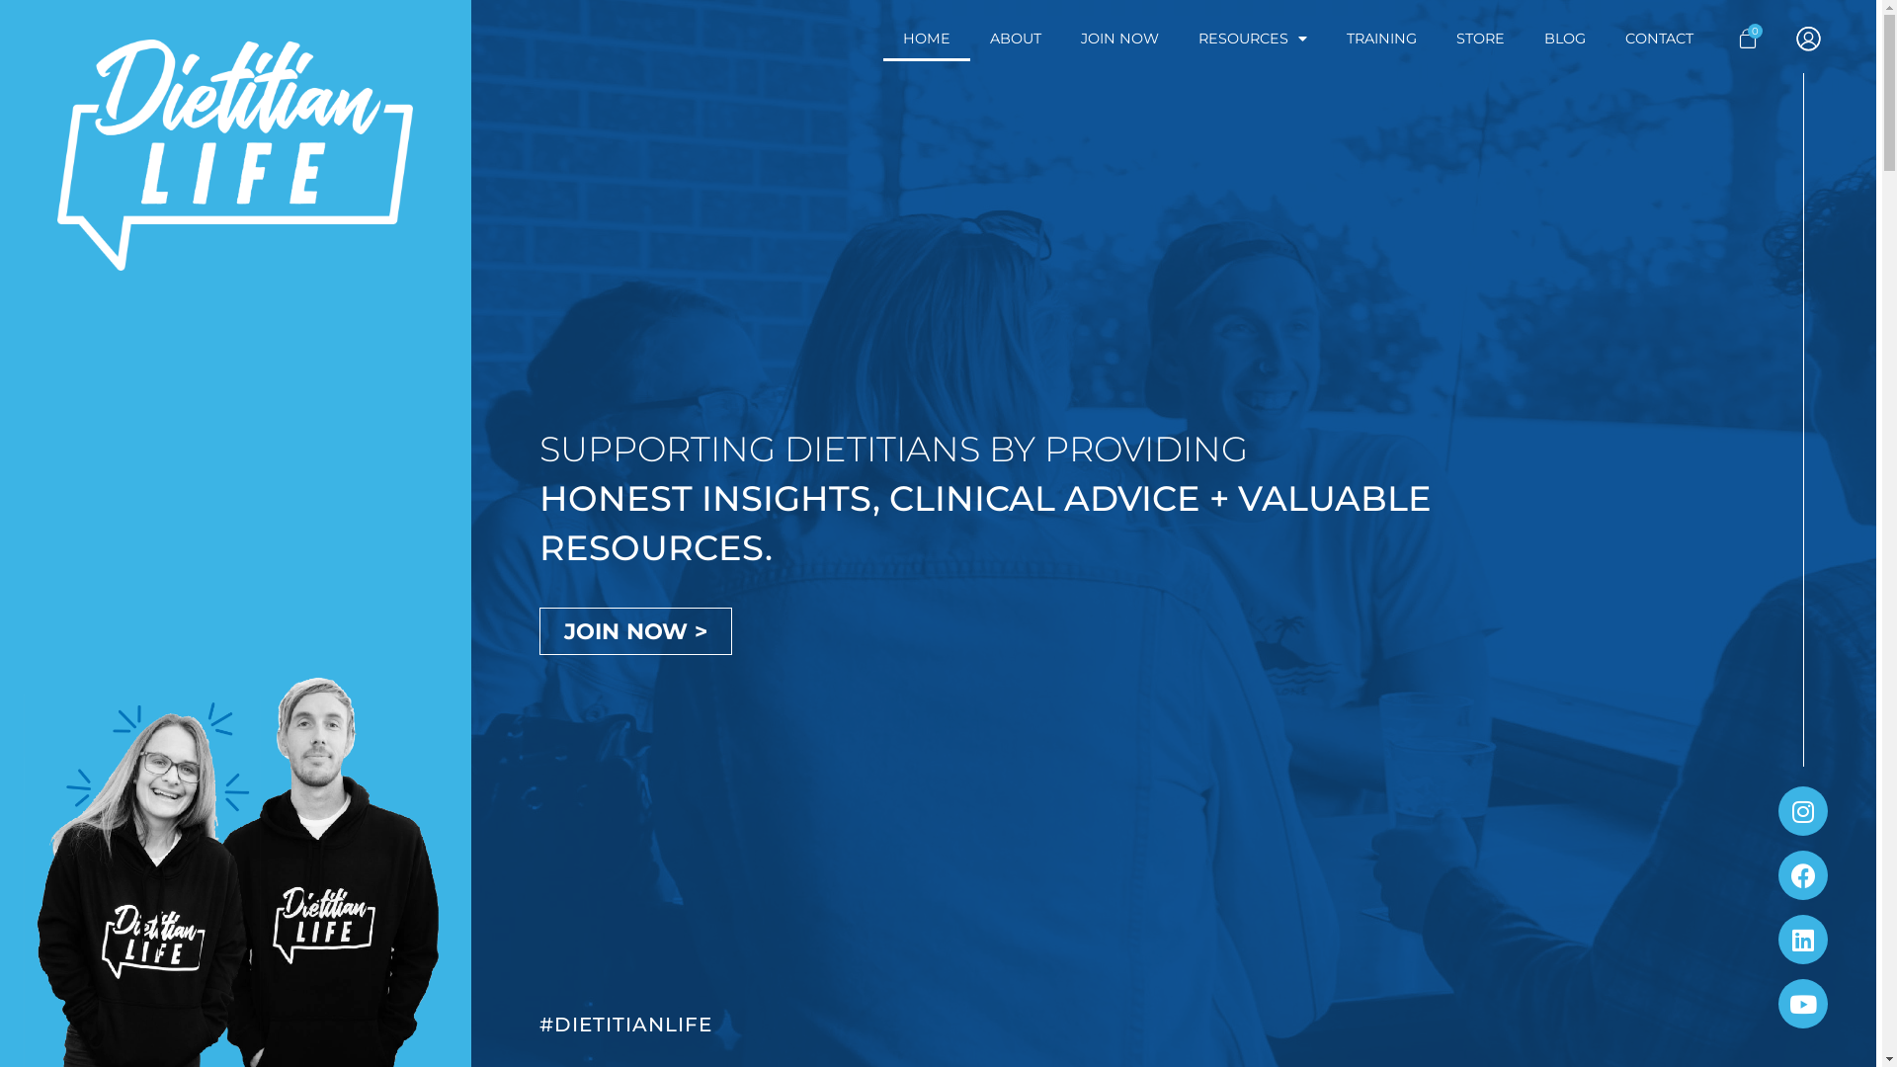  Describe the element at coordinates (1564, 38) in the screenshot. I see `'BLOG'` at that location.